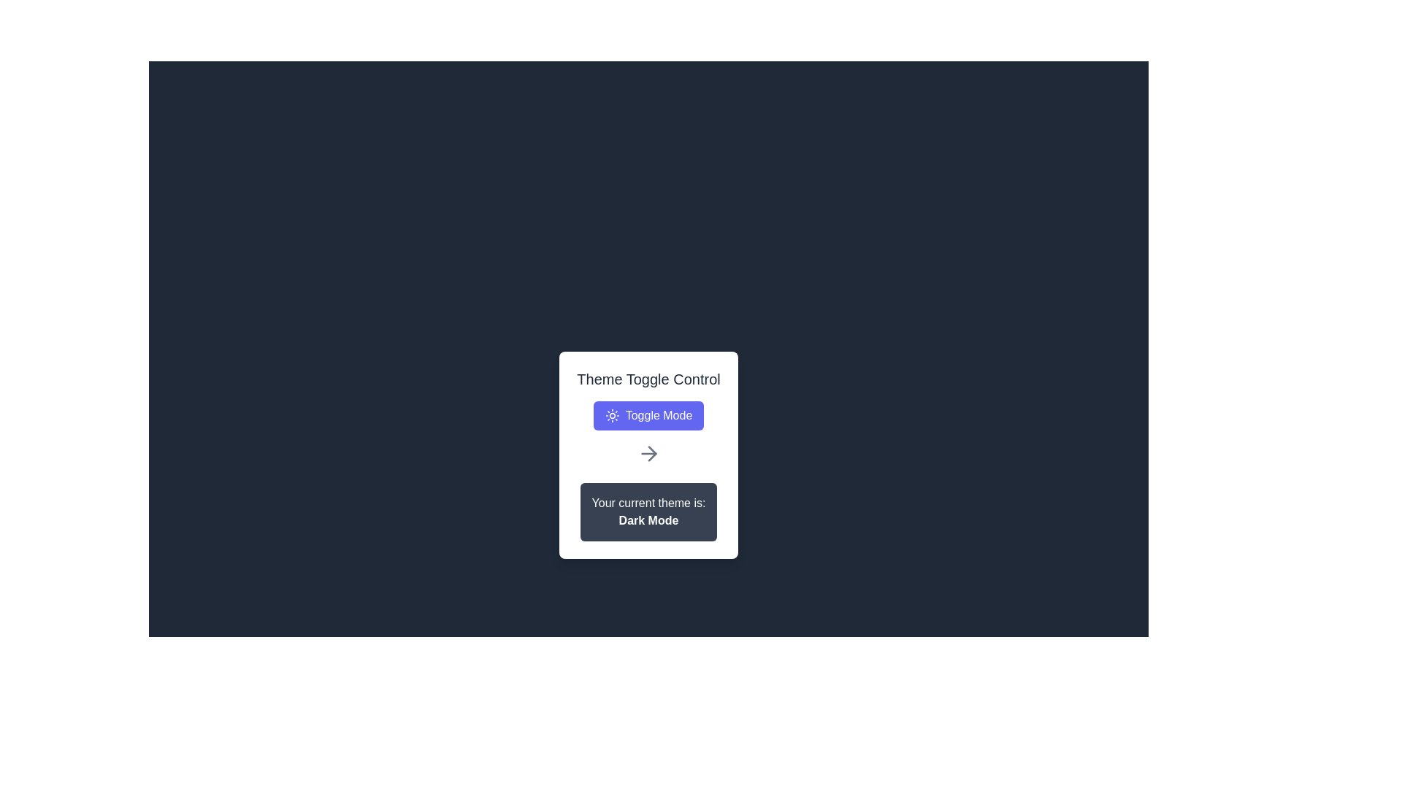  I want to click on the circular sun icon located to the left of the 'Toggle Mode' button, so click(612, 416).